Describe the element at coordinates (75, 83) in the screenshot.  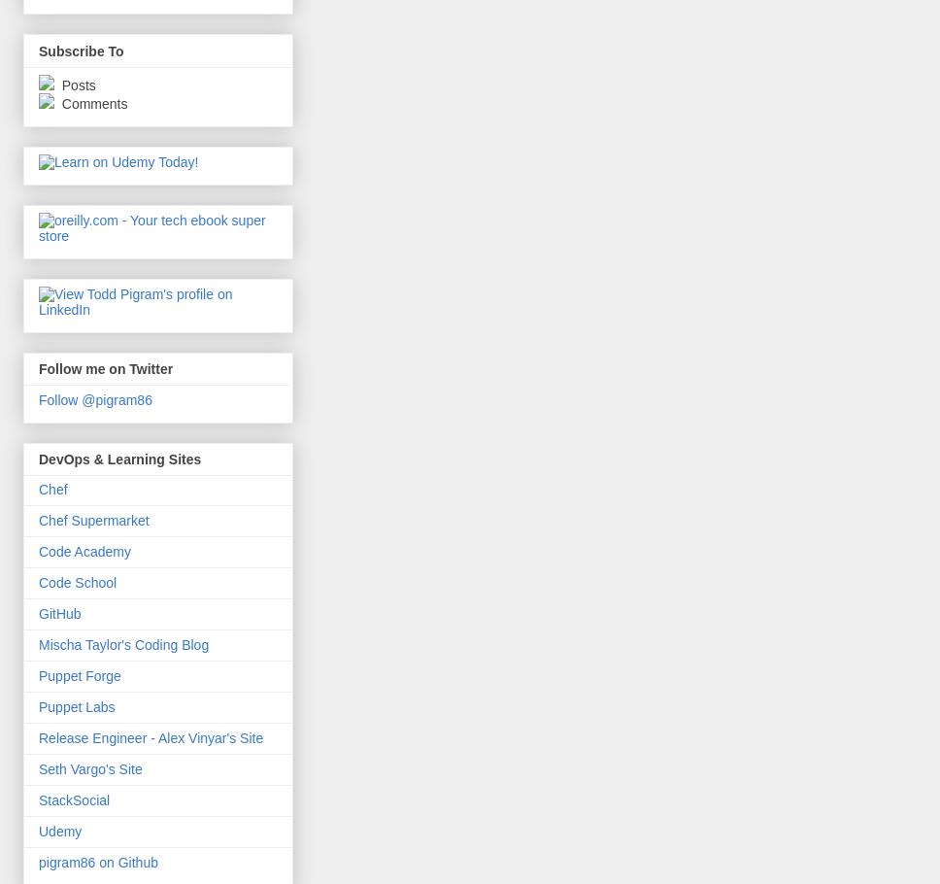
I see `'Posts'` at that location.